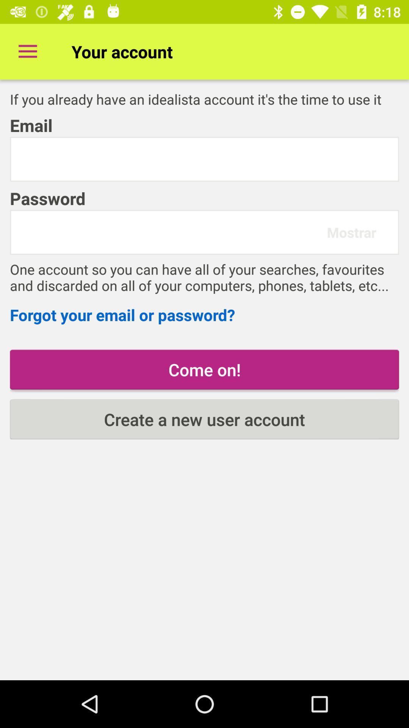 This screenshot has width=409, height=728. I want to click on the item above the one account so item, so click(172, 232).